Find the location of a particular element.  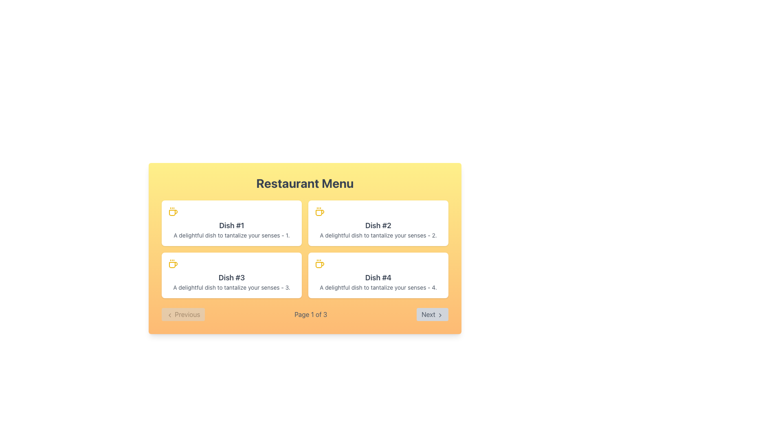

the 'Next' button with a gray background and a right-pointing chevron icon, located at the bottom-right corner of the 'Restaurant Menu' panel is located at coordinates (432, 314).